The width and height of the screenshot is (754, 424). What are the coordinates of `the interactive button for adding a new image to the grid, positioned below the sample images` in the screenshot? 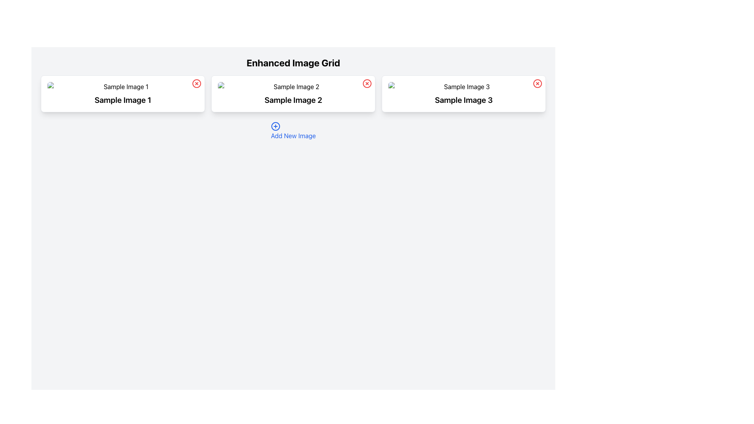 It's located at (293, 131).